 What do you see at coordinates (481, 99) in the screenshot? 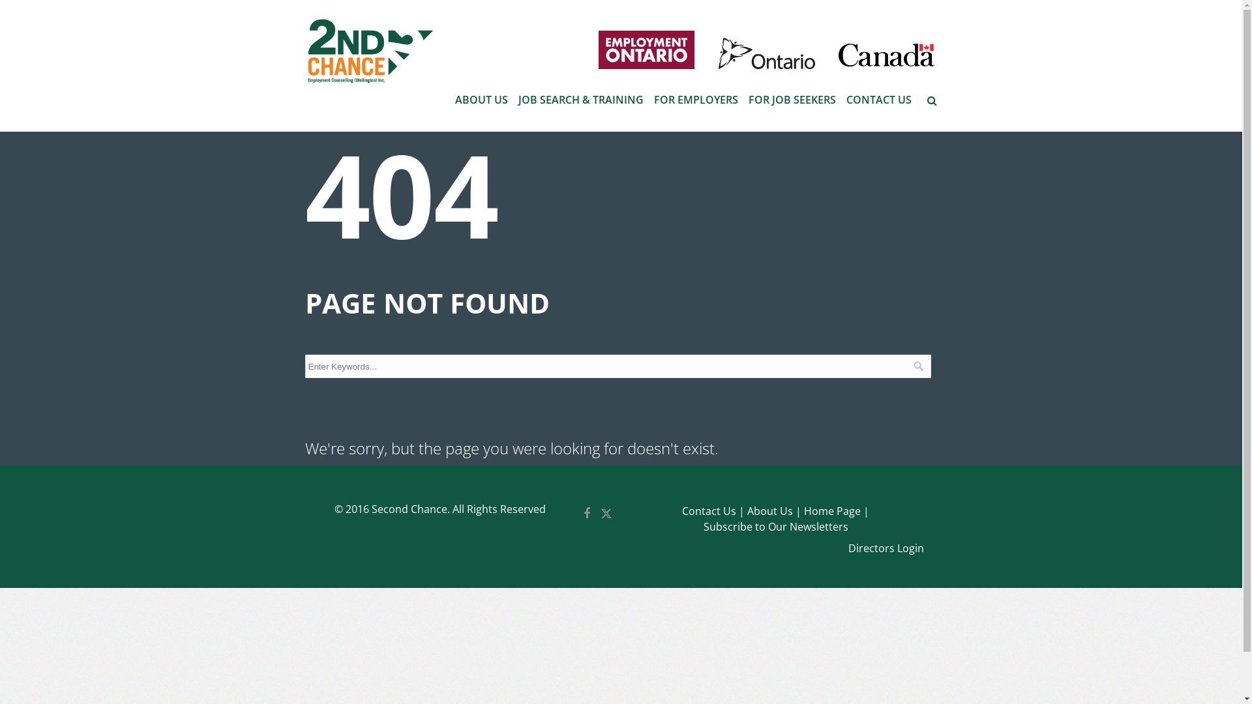
I see `'ABOUT US'` at bounding box center [481, 99].